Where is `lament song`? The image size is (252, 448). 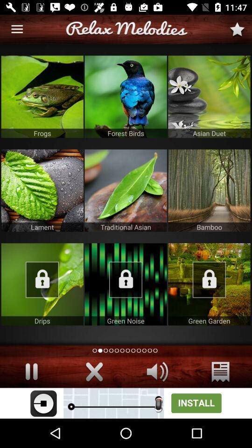
lament song is located at coordinates (42, 190).